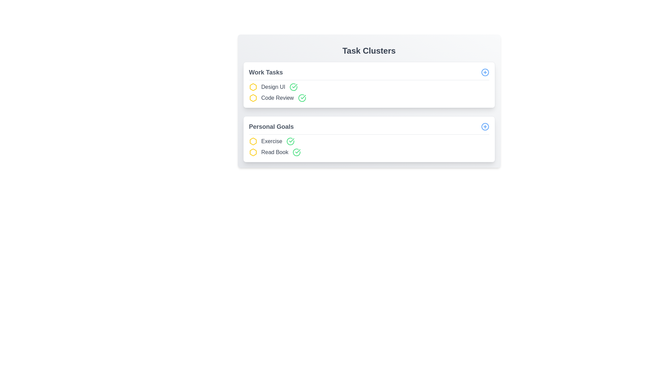 The height and width of the screenshot is (369, 657). I want to click on the title of the cluster Personal Goals to interact with it, so click(271, 126).